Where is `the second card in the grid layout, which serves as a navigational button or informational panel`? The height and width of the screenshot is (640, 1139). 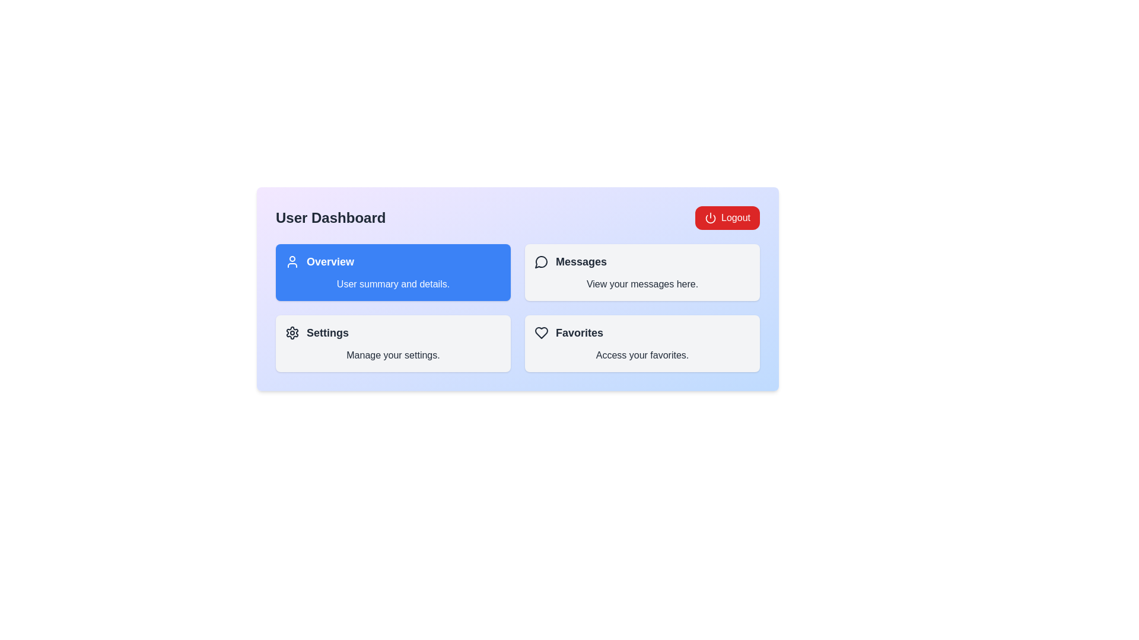 the second card in the grid layout, which serves as a navigational button or informational panel is located at coordinates (642, 272).